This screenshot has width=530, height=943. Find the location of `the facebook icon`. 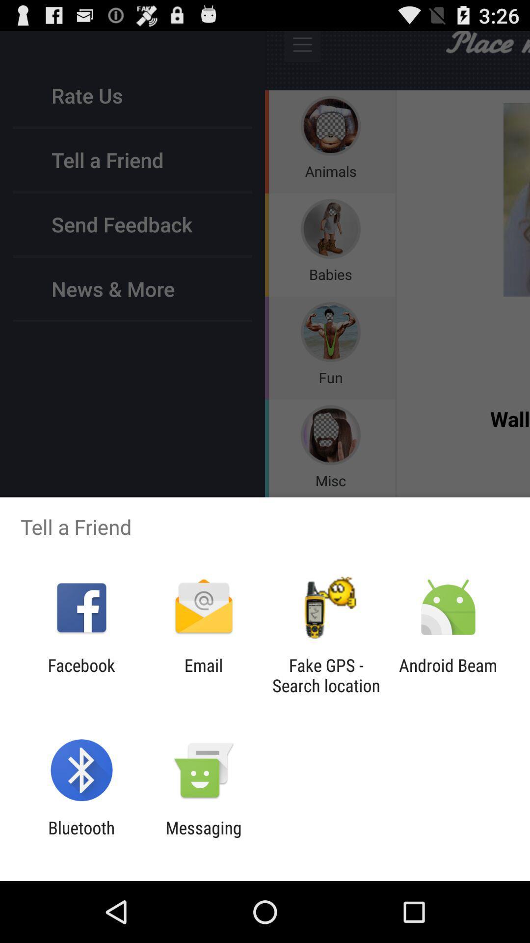

the facebook icon is located at coordinates (81, 675).